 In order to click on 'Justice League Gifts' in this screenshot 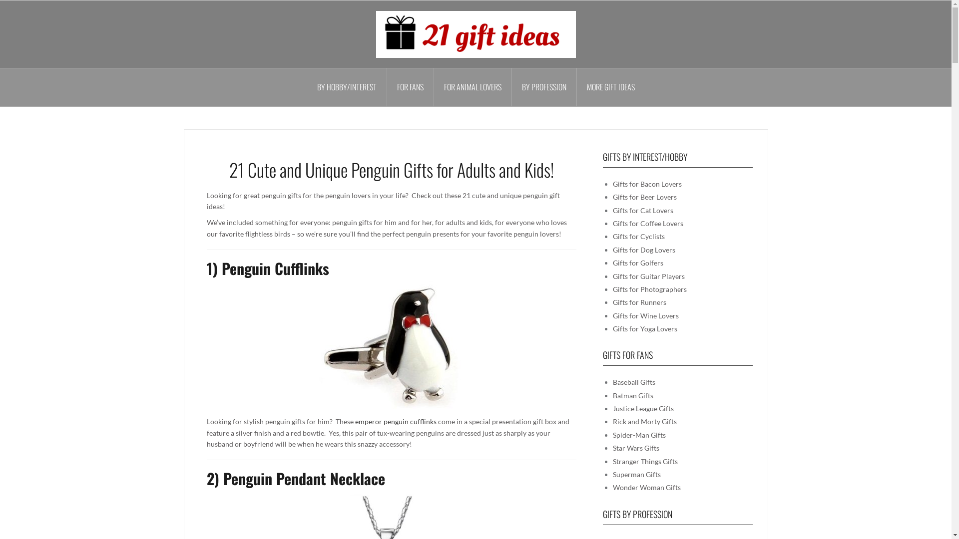, I will do `click(611, 408)`.